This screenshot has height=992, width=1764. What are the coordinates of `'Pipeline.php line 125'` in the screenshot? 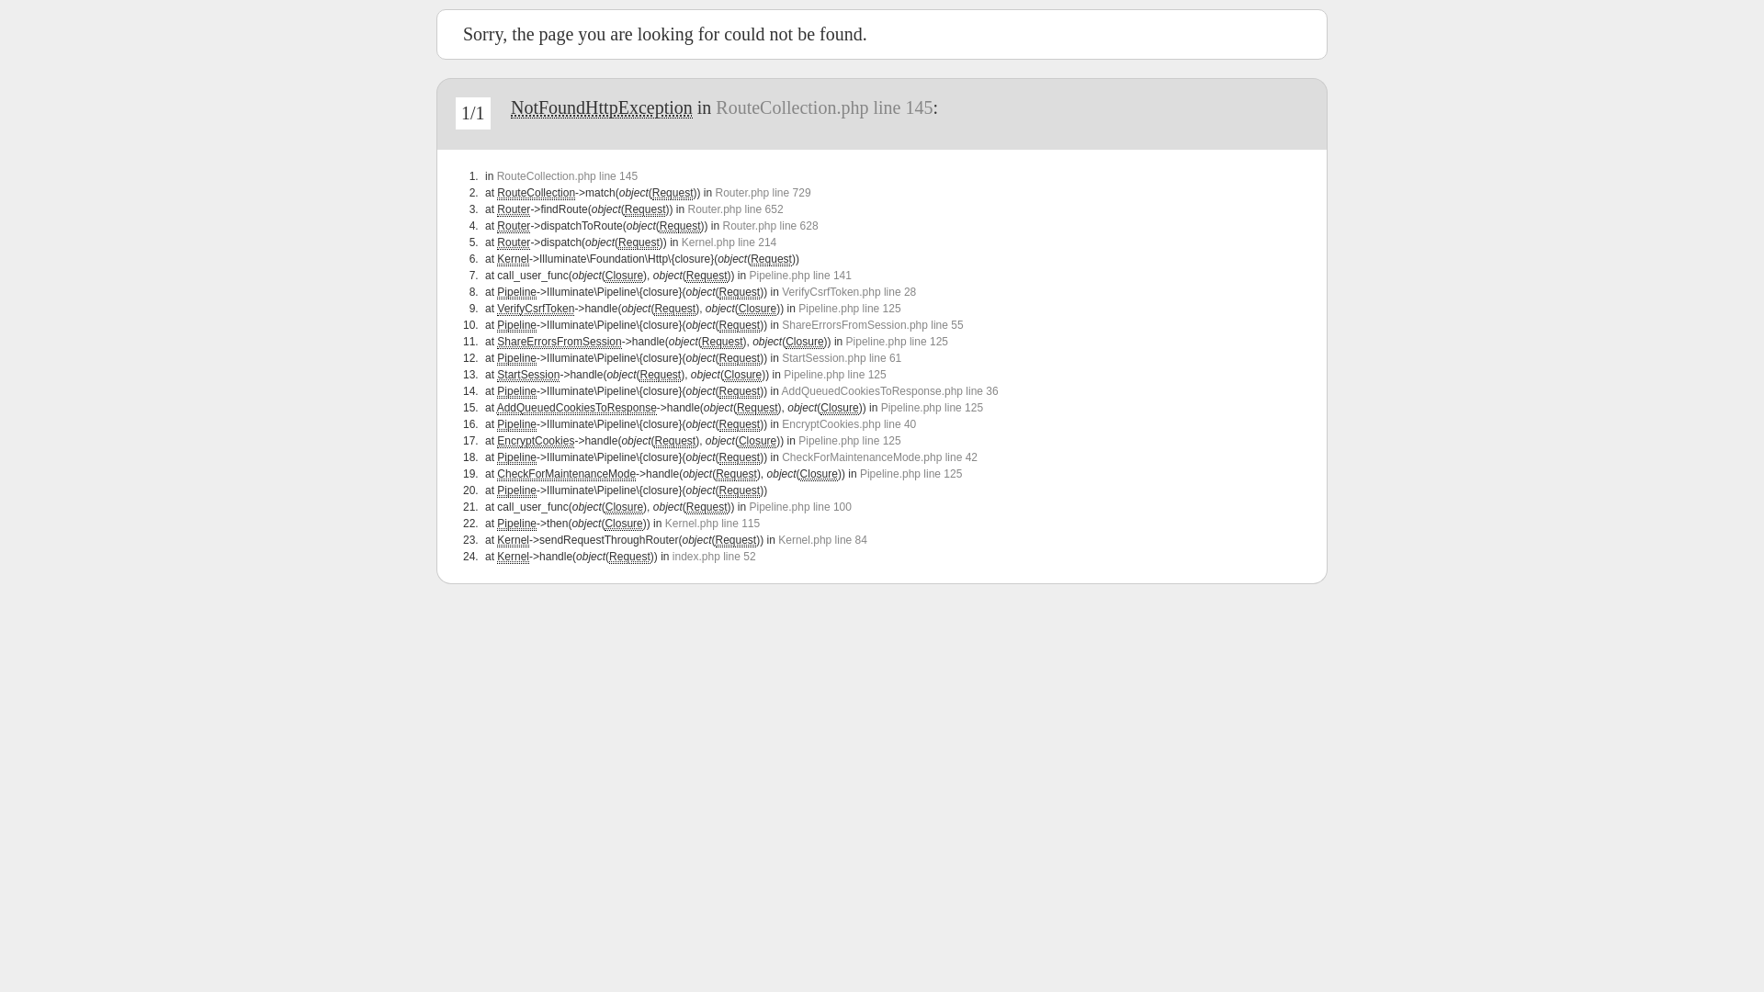 It's located at (897, 341).